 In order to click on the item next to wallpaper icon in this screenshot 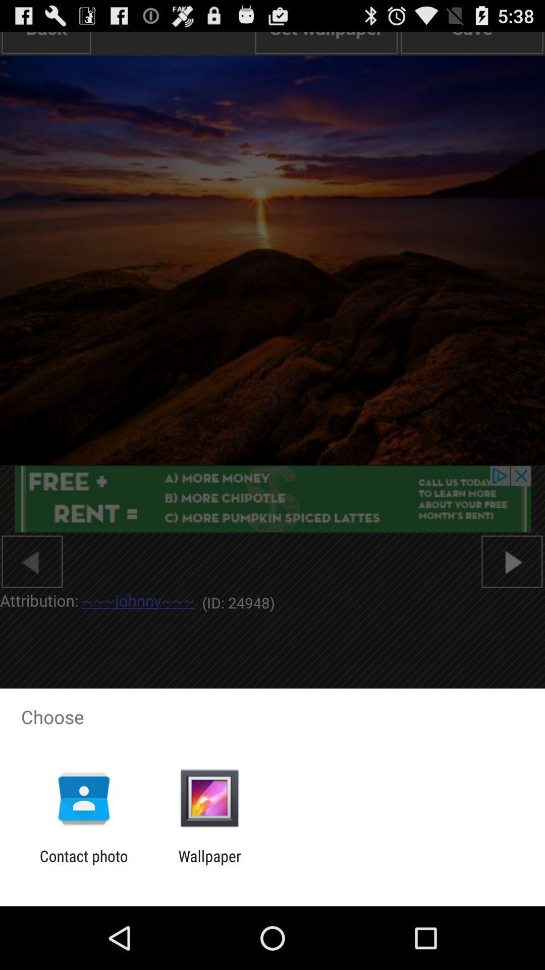, I will do `click(83, 864)`.